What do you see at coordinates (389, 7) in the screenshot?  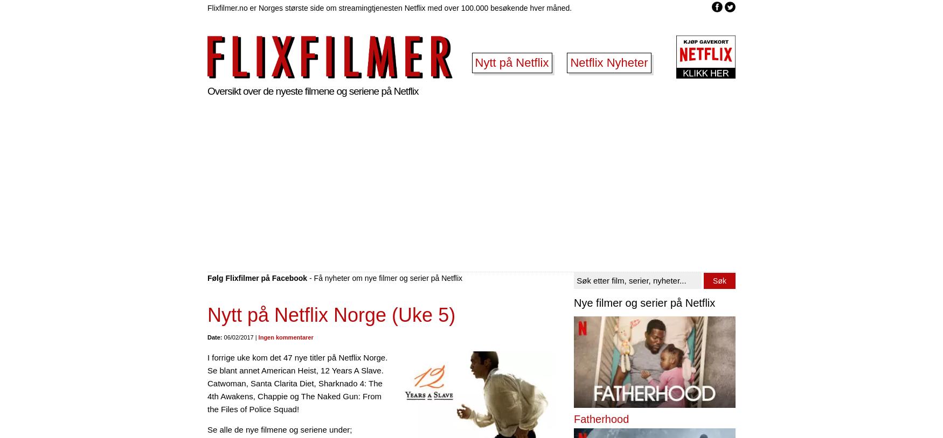 I see `'Flixfilmer.no er Norges største side om streamingtjenesten Netflix med over 100.000 besøkende hver måned.'` at bounding box center [389, 7].